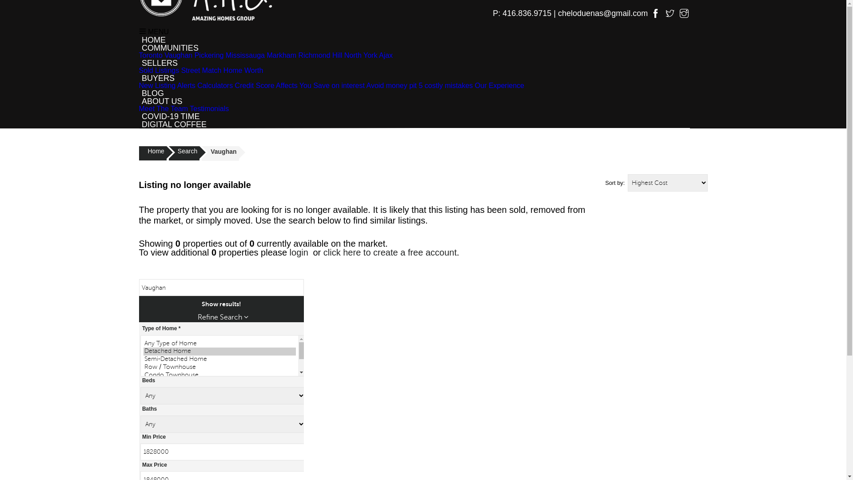 The image size is (853, 480). Describe the element at coordinates (159, 63) in the screenshot. I see `'SELLERS'` at that location.